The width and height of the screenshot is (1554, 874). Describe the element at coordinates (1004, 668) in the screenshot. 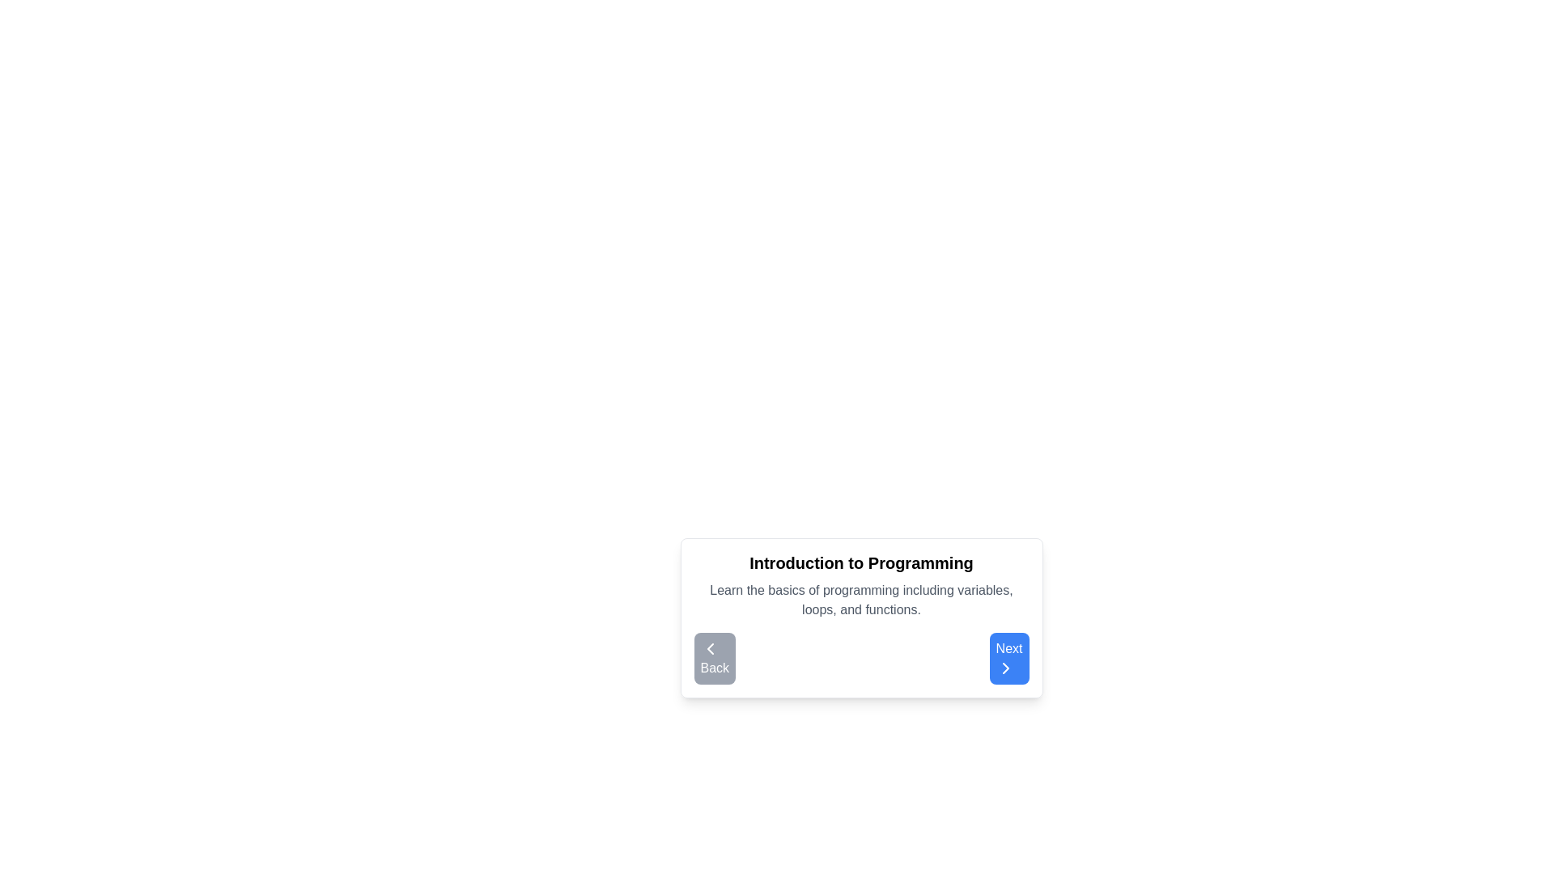

I see `the chevron right SVG icon nested within the 'Next' button located in the bottom right corner of the card-style panel` at that location.